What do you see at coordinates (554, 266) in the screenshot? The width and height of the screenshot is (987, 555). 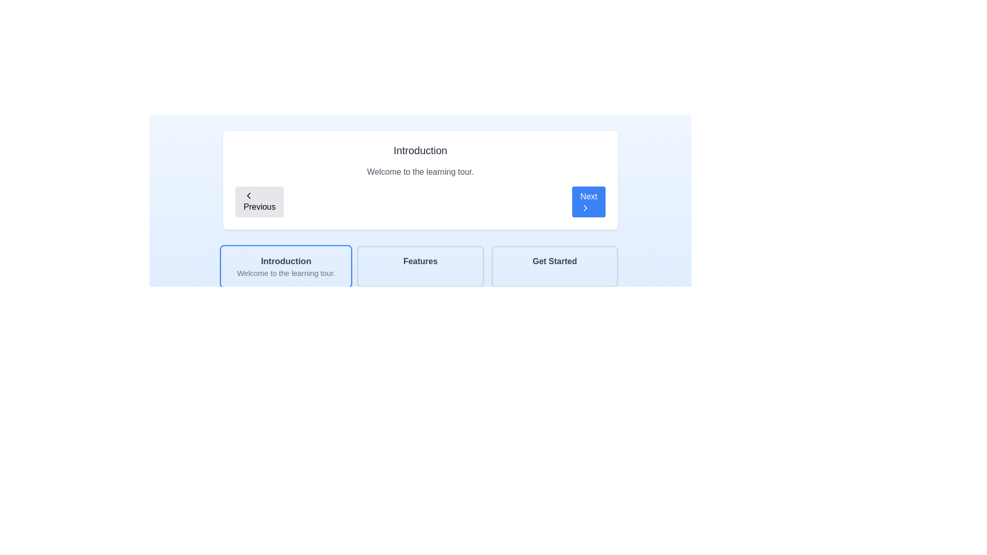 I see `the 'Get Started' button, which is the third button in a horizontal triplet at the bottom of the interface` at bounding box center [554, 266].